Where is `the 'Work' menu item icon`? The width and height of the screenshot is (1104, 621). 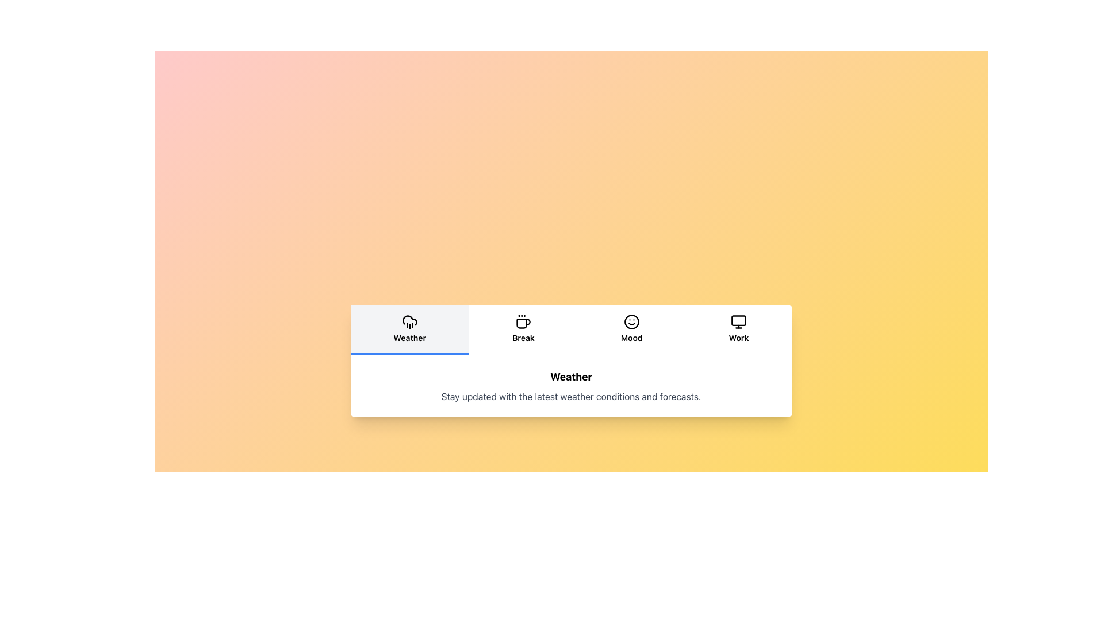
the 'Work' menu item icon is located at coordinates (739, 328).